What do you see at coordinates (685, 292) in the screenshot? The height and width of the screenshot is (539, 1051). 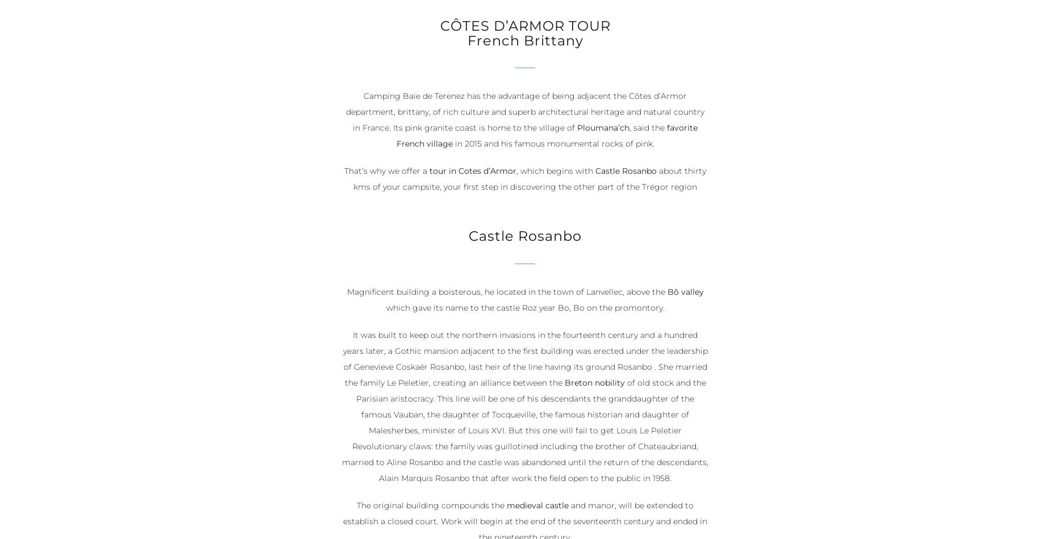 I see `'Bô valley'` at bounding box center [685, 292].